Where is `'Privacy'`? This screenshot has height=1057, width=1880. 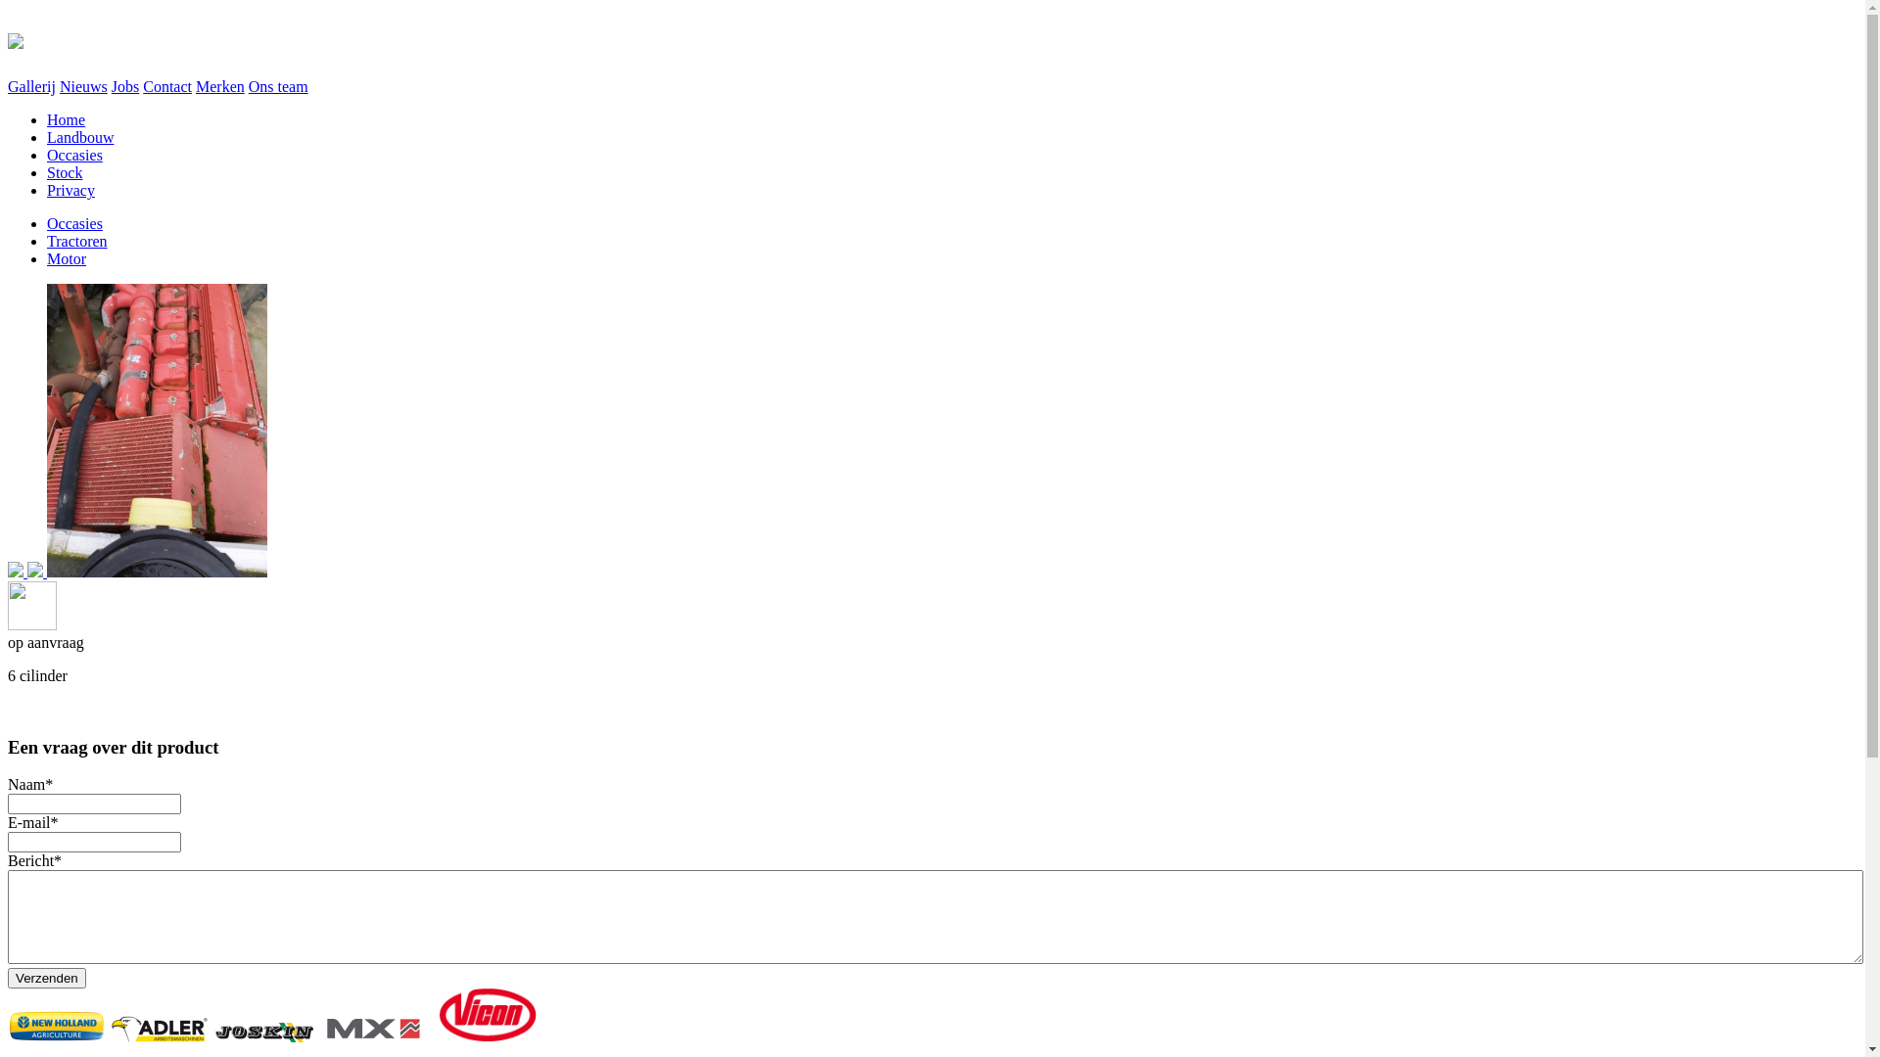
'Privacy' is located at coordinates (70, 190).